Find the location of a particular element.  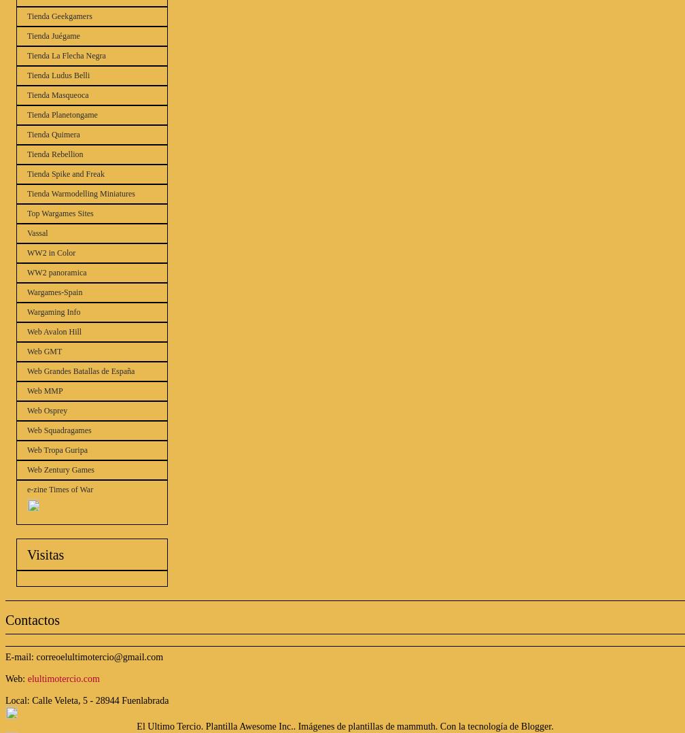

'Web Squadragames' is located at coordinates (58, 430).